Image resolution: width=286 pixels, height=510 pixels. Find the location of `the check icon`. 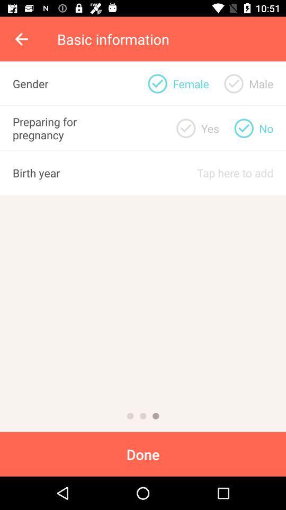

the check icon is located at coordinates (234, 83).